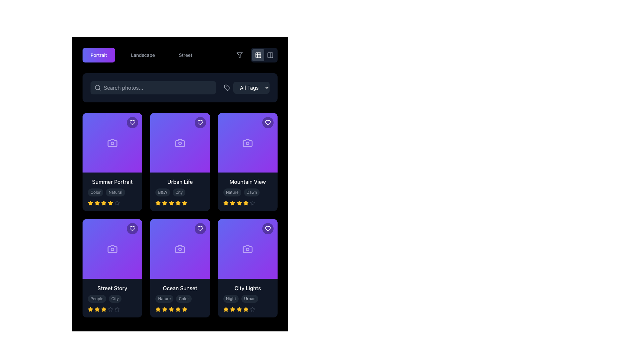  What do you see at coordinates (179, 192) in the screenshot?
I see `the static label element located in the middle card titled 'Urban Life', positioned as the second tag immediately following the 'B&W' tag` at bounding box center [179, 192].